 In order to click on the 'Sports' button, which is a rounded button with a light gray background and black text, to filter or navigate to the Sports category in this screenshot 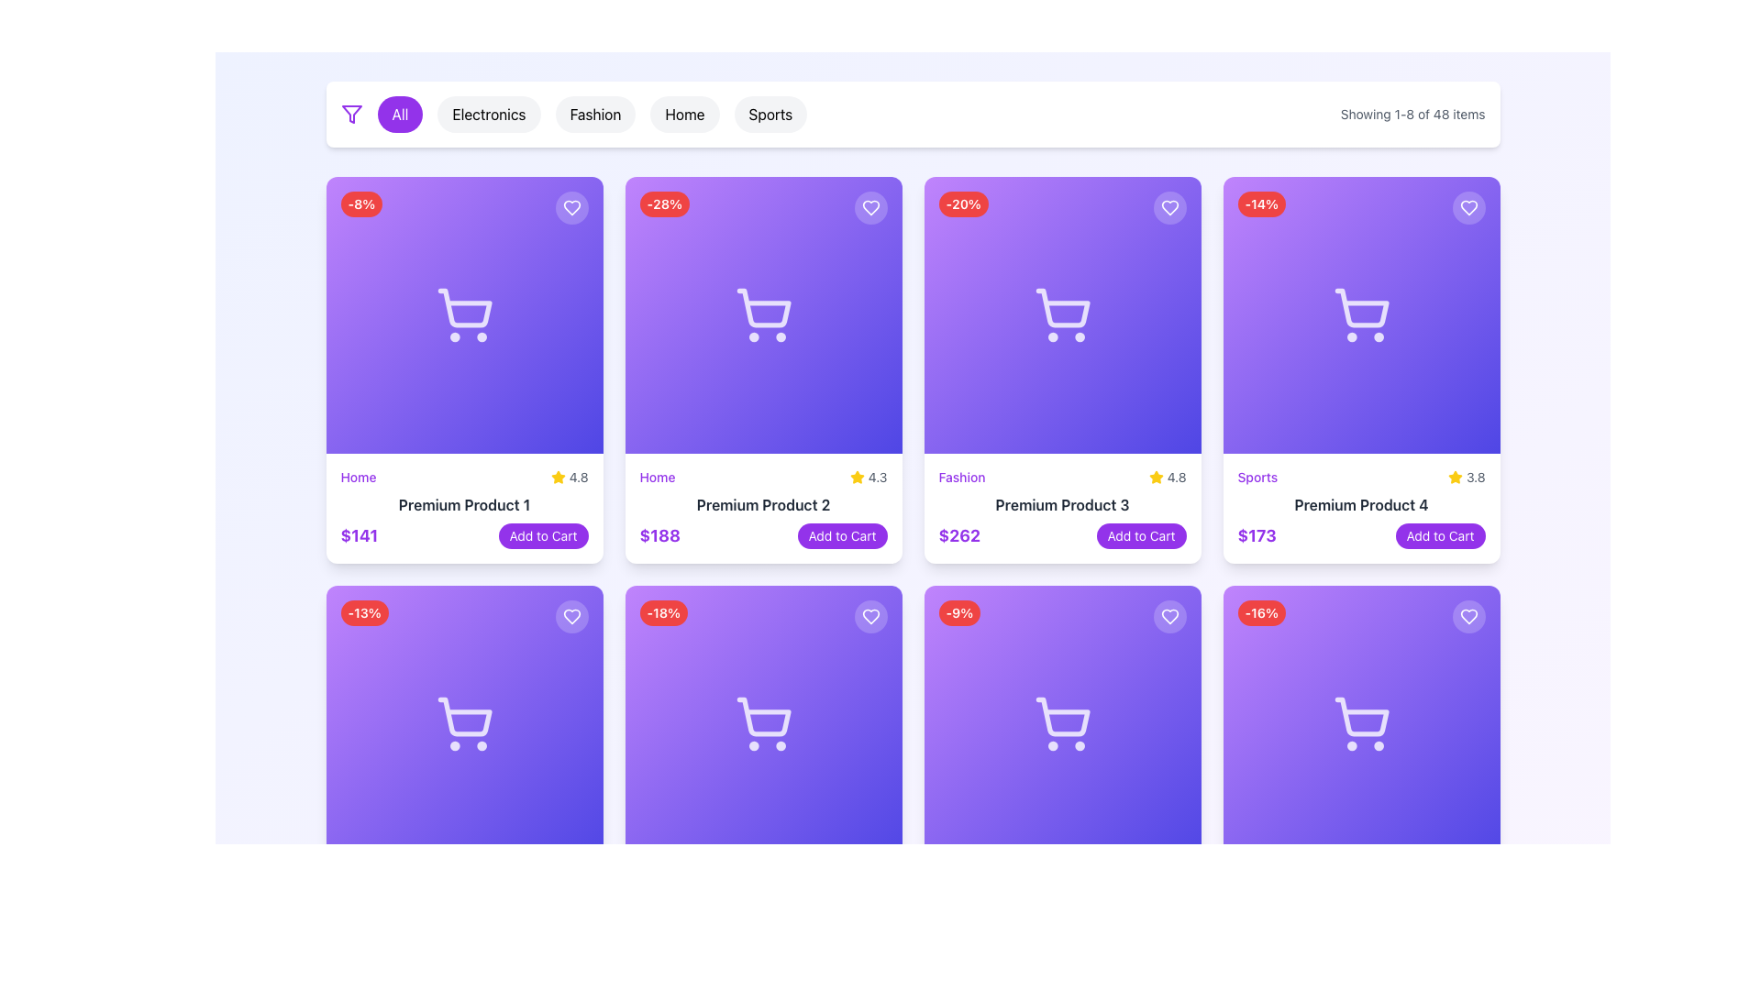, I will do `click(770, 114)`.